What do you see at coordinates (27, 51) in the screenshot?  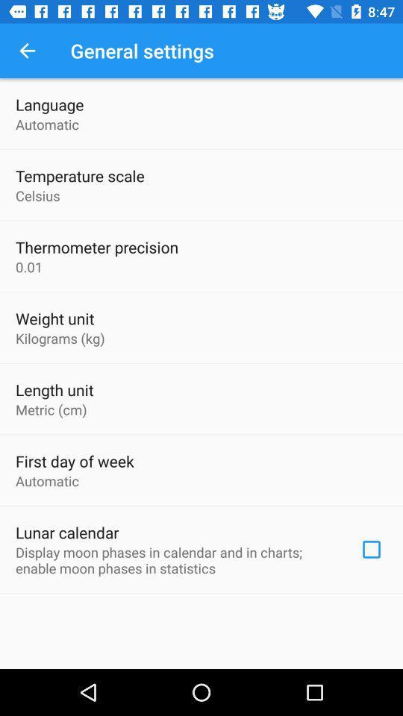 I see `the app next to the general settings` at bounding box center [27, 51].